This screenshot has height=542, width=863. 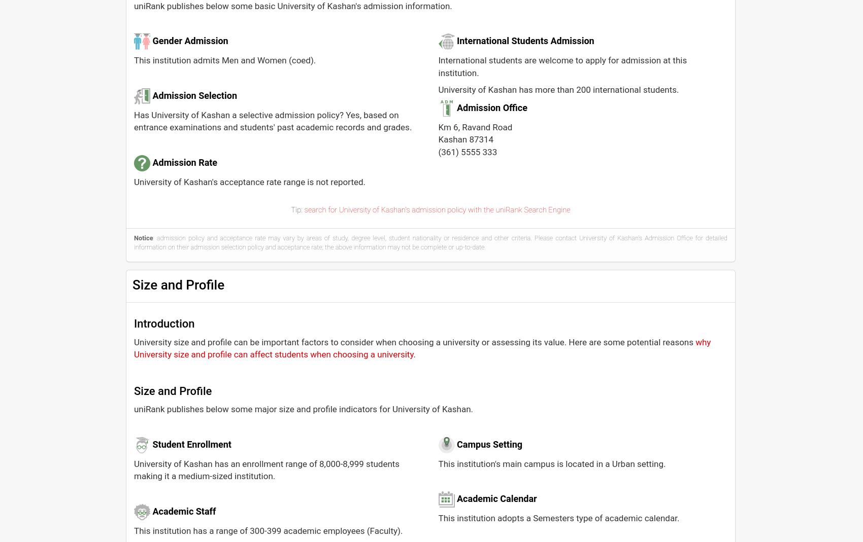 I want to click on 'uniRank publishes below some basic University of Kashan's admission information.', so click(x=292, y=5).